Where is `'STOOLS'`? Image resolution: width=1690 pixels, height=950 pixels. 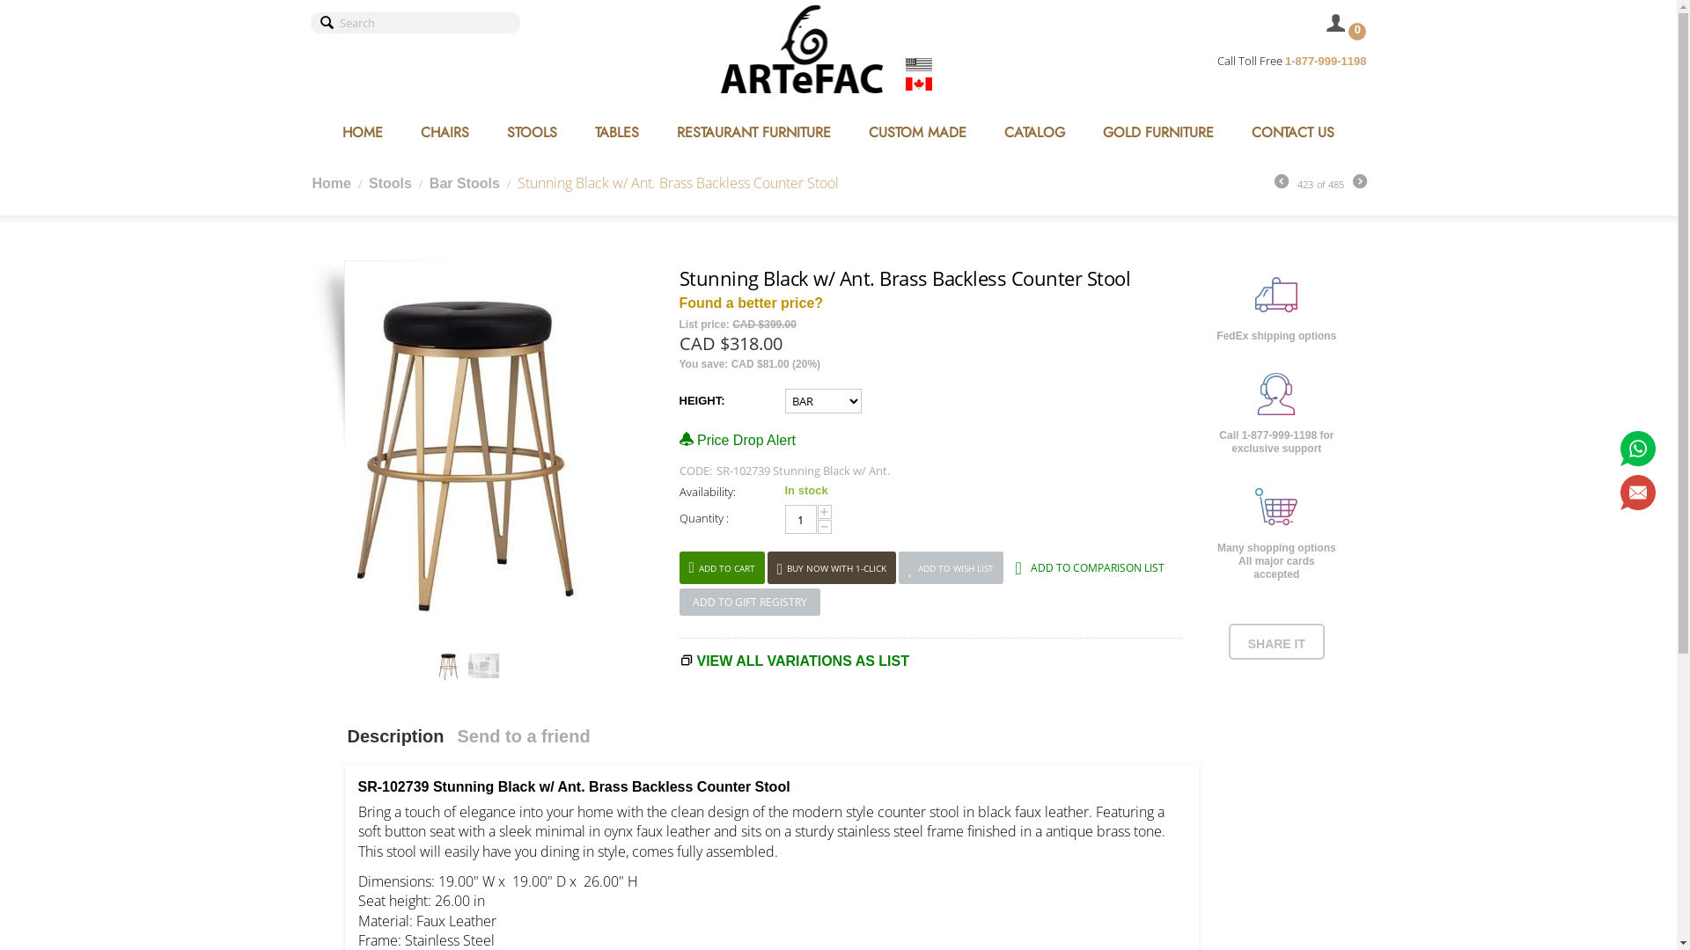 'STOOLS' is located at coordinates (531, 131).